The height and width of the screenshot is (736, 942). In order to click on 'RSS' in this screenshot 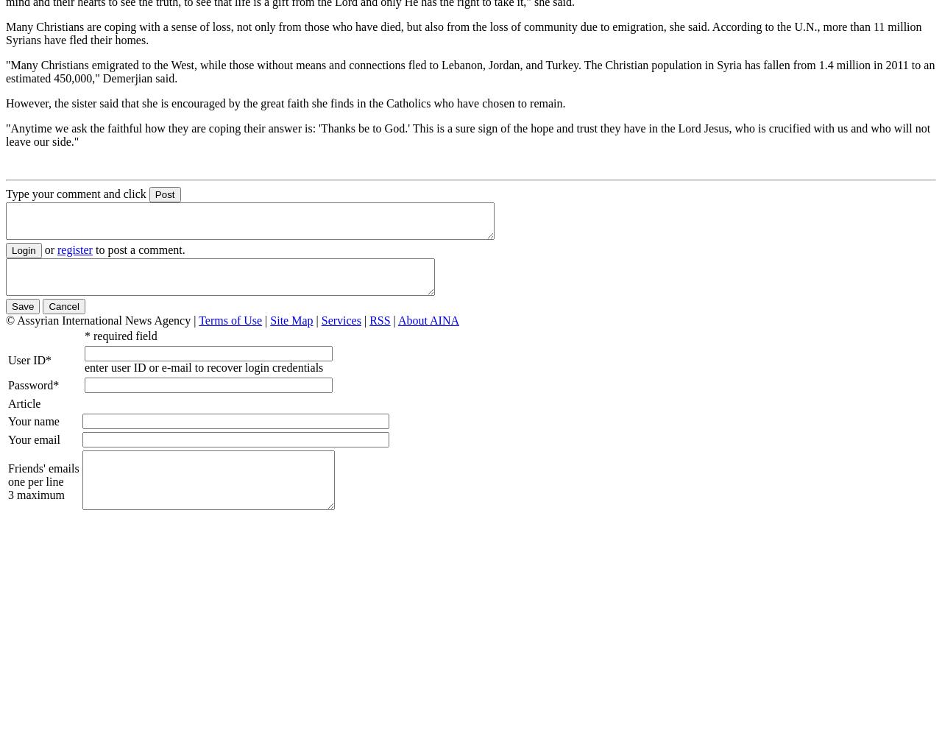, I will do `click(379, 320)`.